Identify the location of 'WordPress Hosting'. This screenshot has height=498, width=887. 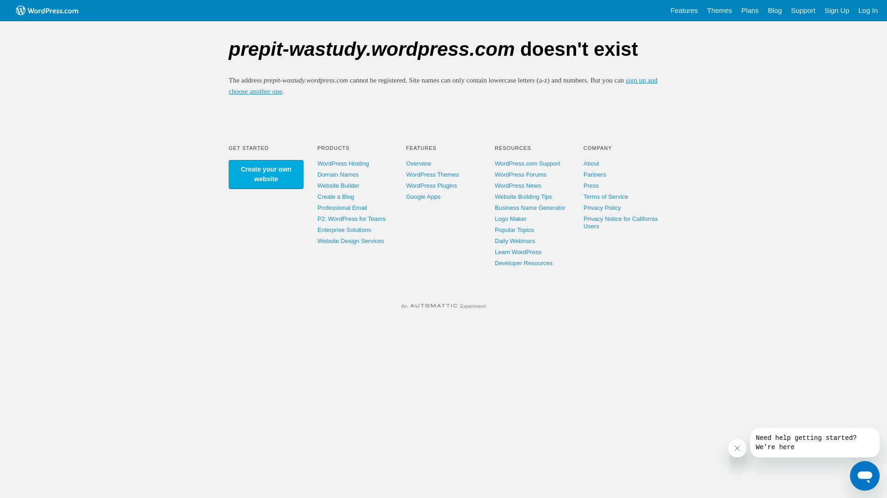
(343, 163).